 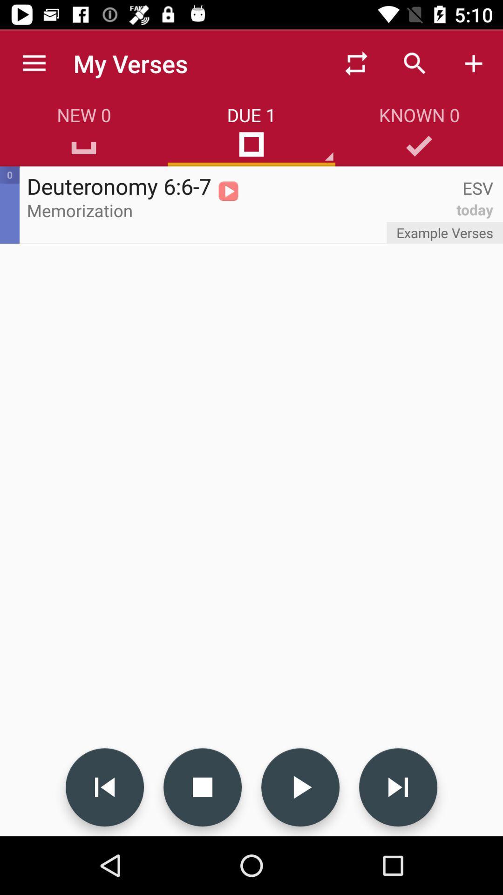 What do you see at coordinates (300, 787) in the screenshot?
I see `the play icon` at bounding box center [300, 787].